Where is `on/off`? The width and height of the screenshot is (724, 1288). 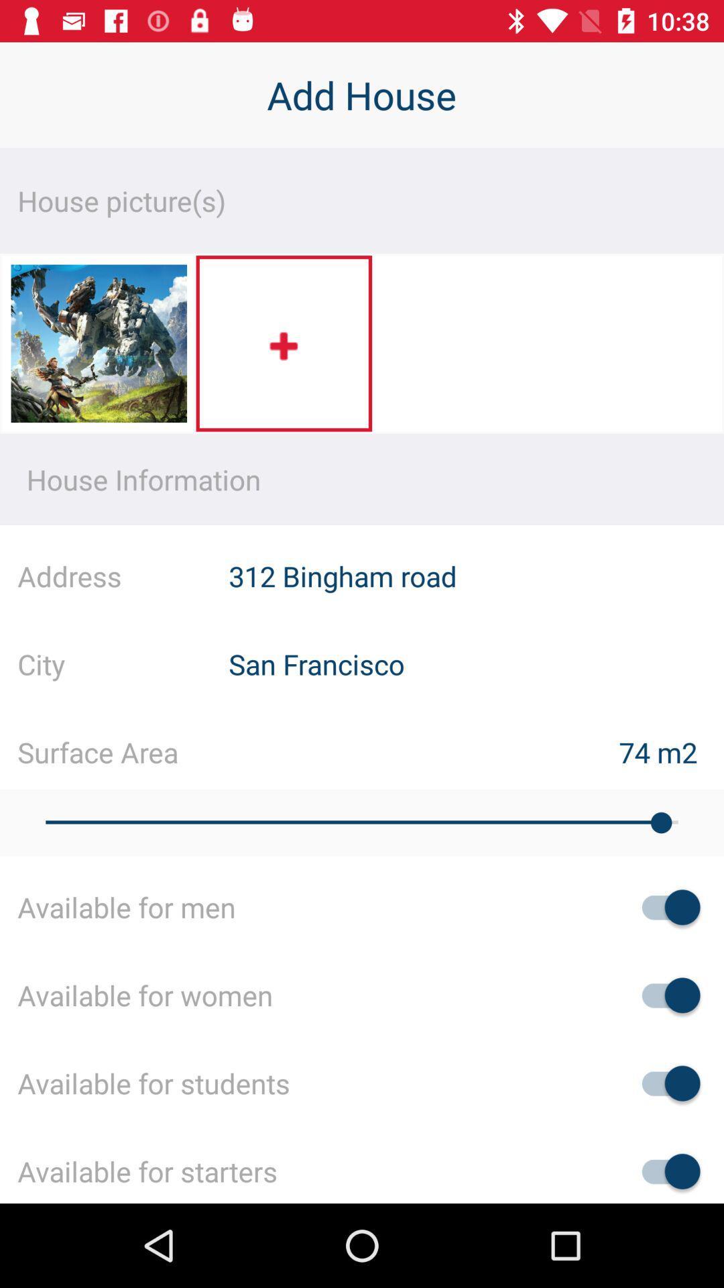
on/off is located at coordinates (664, 1083).